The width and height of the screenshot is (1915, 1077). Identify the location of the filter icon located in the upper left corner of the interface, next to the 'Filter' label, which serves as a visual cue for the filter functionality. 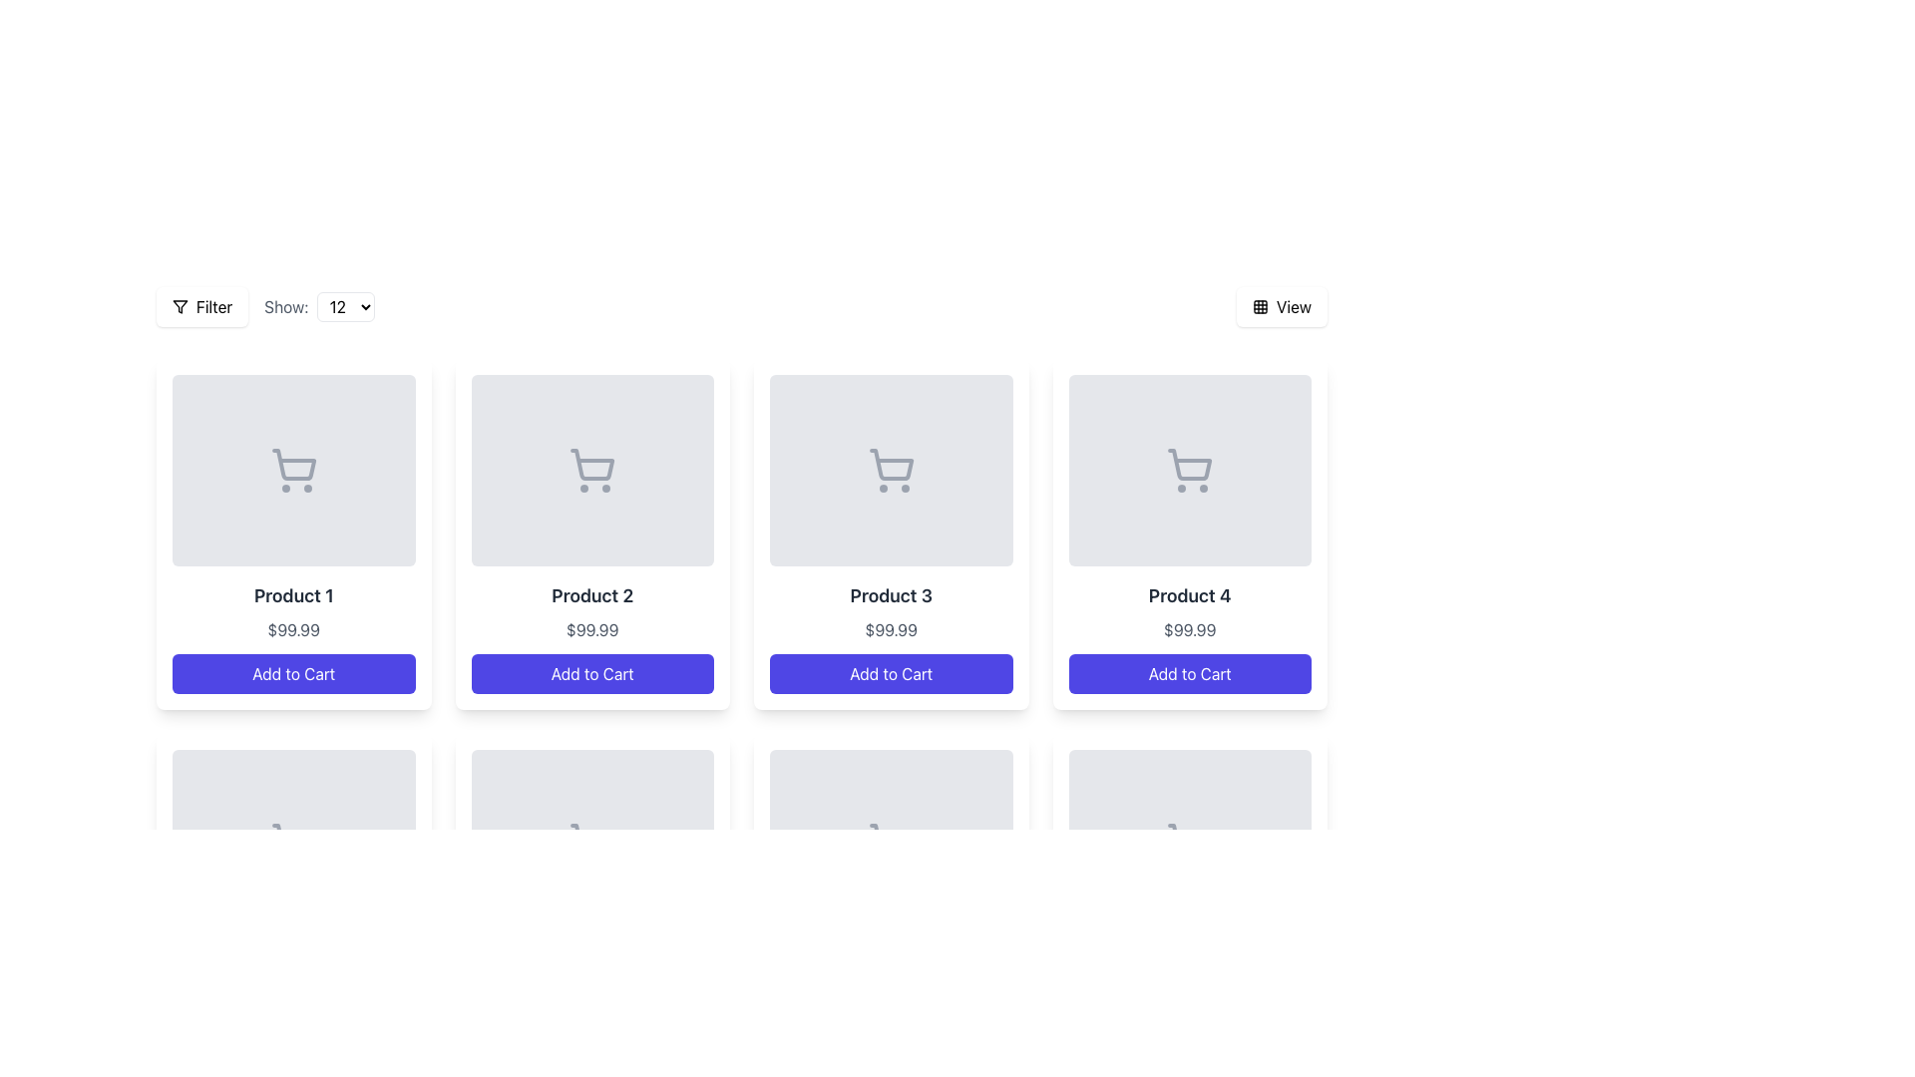
(181, 307).